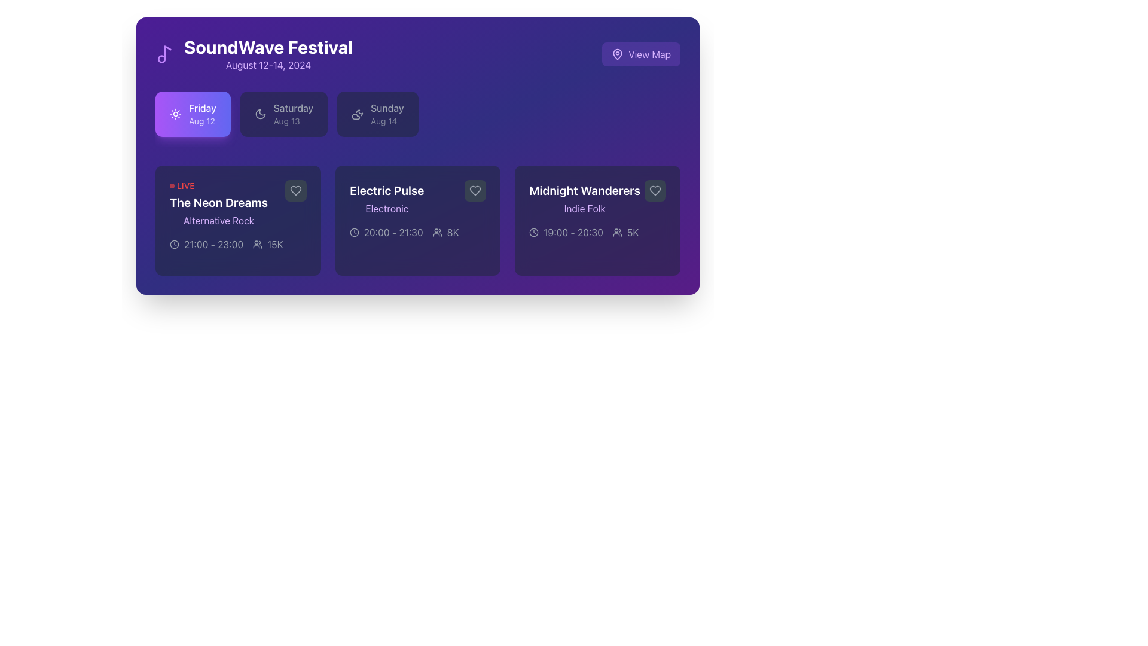 The width and height of the screenshot is (1148, 646). I want to click on the text label indicating the genre or type of the event described in the middle card of the horizontal layout, positioned below the header text 'Electric Pulse', so click(386, 208).